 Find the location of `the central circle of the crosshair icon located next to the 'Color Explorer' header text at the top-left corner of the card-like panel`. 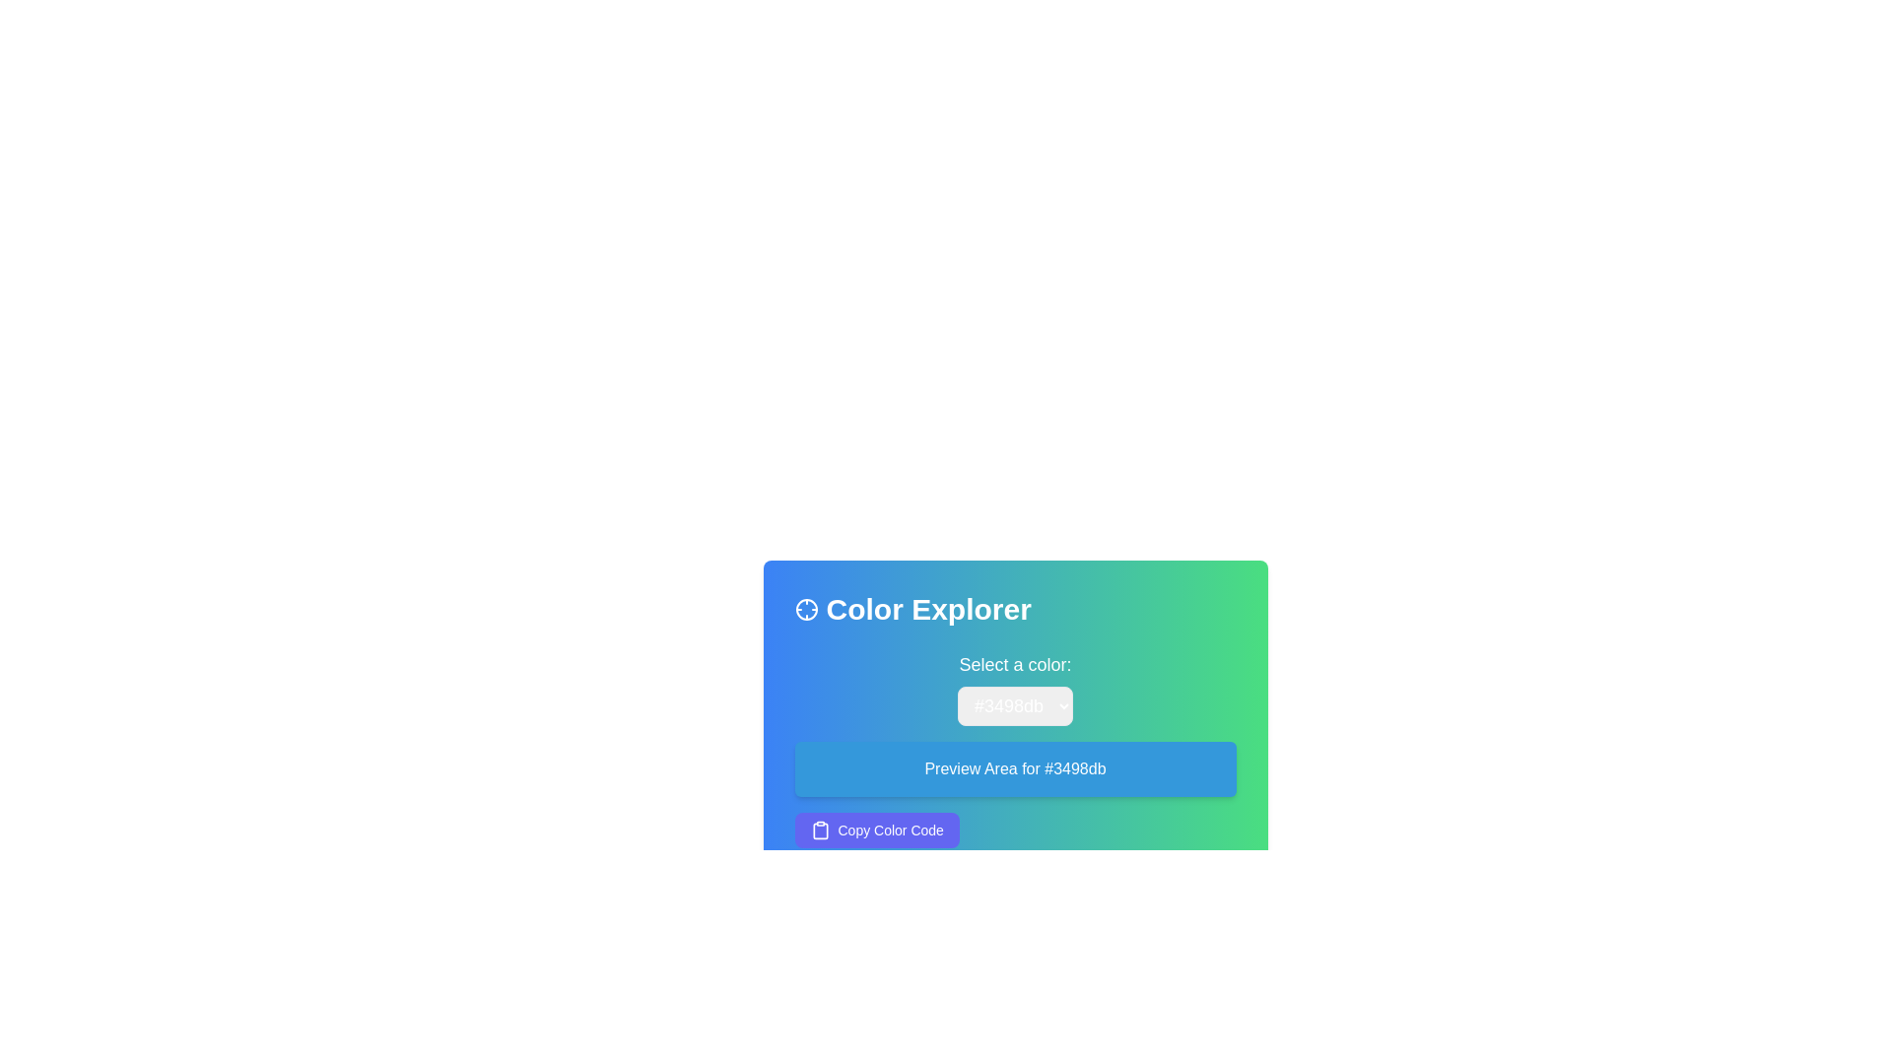

the central circle of the crosshair icon located next to the 'Color Explorer' header text at the top-left corner of the card-like panel is located at coordinates (806, 608).